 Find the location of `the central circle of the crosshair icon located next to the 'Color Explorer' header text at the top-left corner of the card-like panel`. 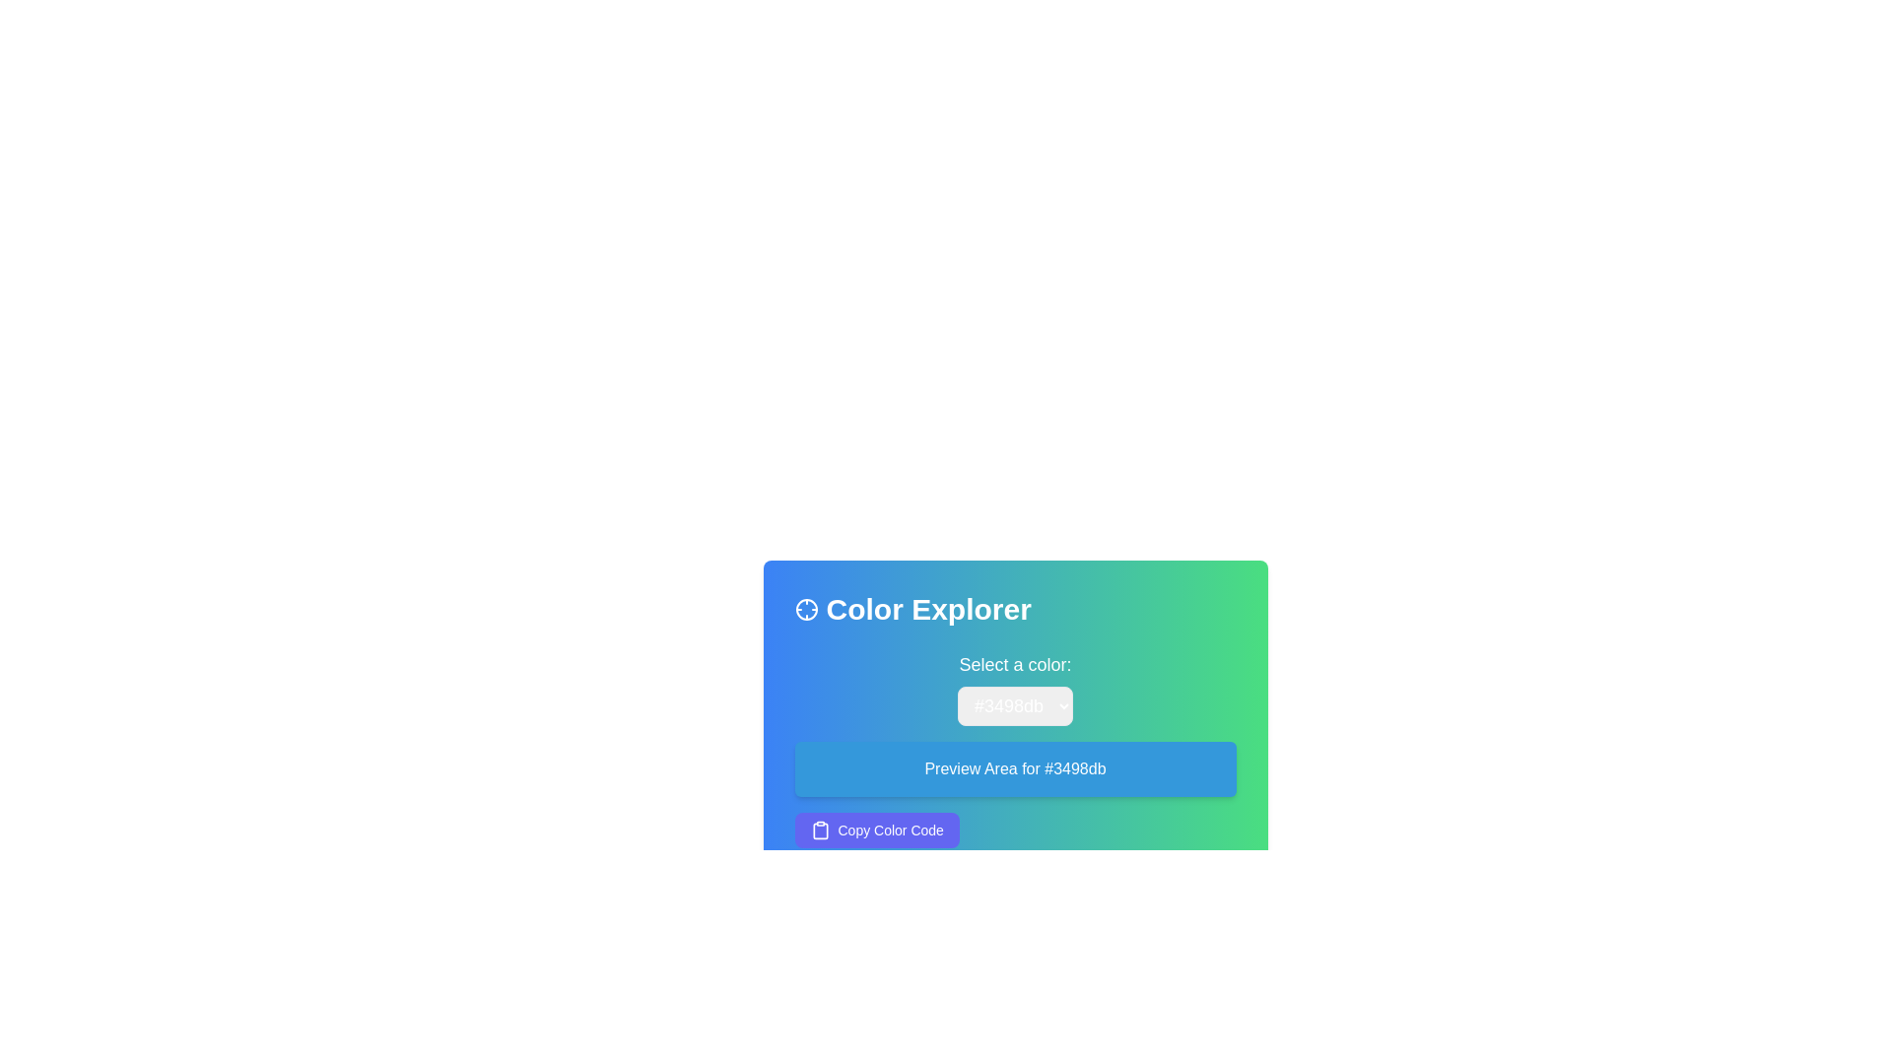

the central circle of the crosshair icon located next to the 'Color Explorer' header text at the top-left corner of the card-like panel is located at coordinates (806, 608).